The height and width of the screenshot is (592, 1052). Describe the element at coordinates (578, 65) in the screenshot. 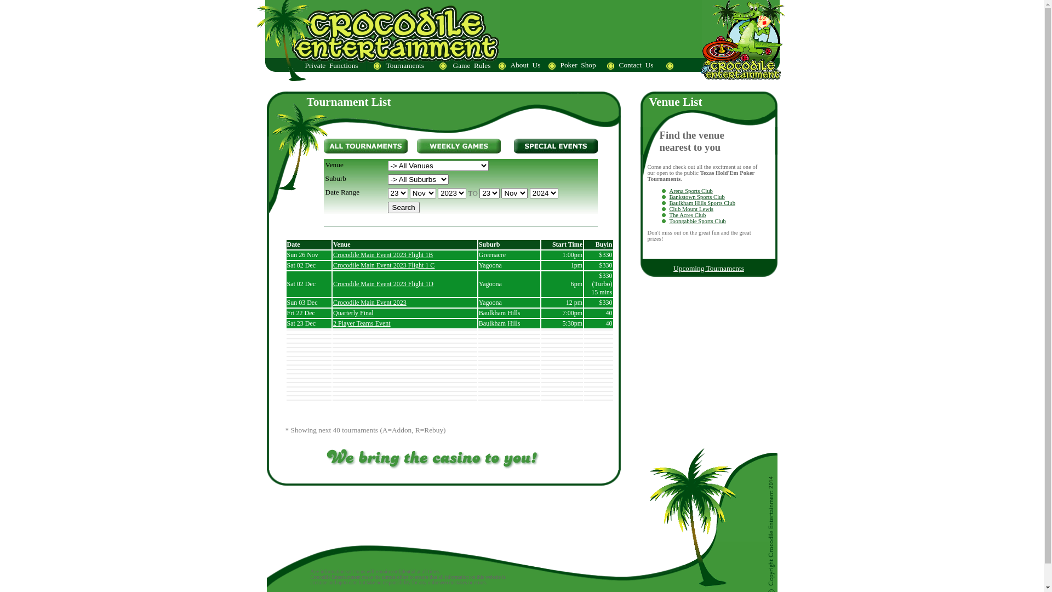

I see `'Poker_Shop'` at that location.